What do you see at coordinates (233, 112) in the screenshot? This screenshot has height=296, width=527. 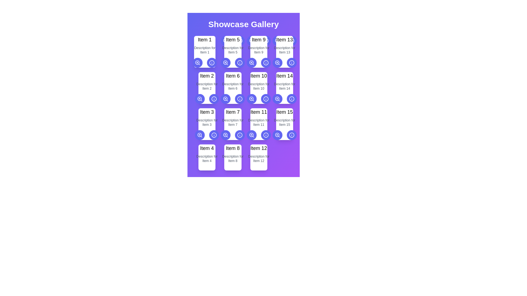 I see `text label that displays 'Item 7' located atop a white rectangular card in the second row, fourth column of the grid layout` at bounding box center [233, 112].